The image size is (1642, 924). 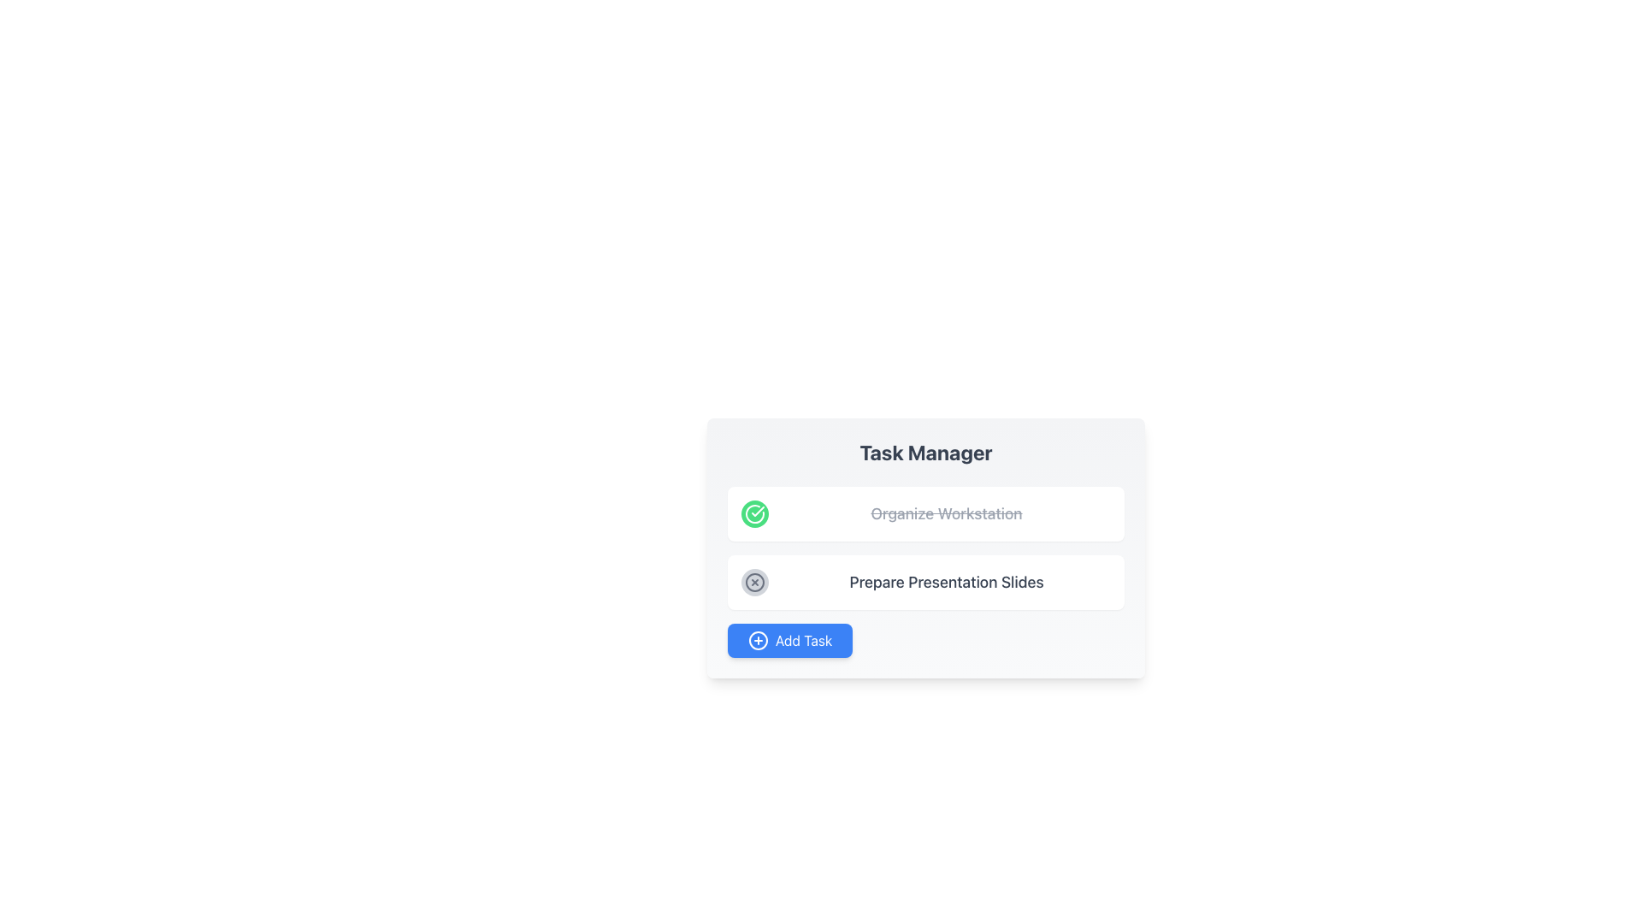 I want to click on the toggle button for the 'Organize Workstation' task, so click(x=754, y=513).